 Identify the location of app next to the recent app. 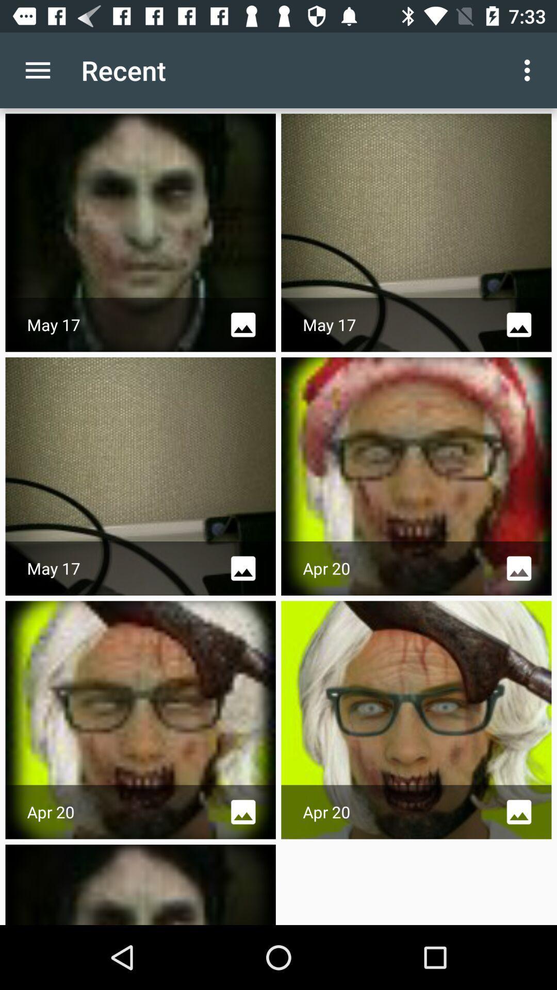
(37, 70).